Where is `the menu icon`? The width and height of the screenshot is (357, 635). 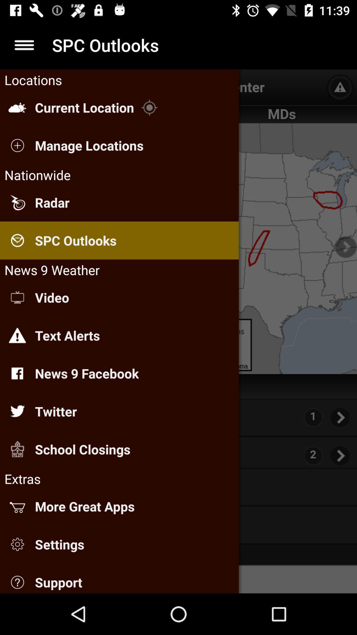
the menu icon is located at coordinates (24, 45).